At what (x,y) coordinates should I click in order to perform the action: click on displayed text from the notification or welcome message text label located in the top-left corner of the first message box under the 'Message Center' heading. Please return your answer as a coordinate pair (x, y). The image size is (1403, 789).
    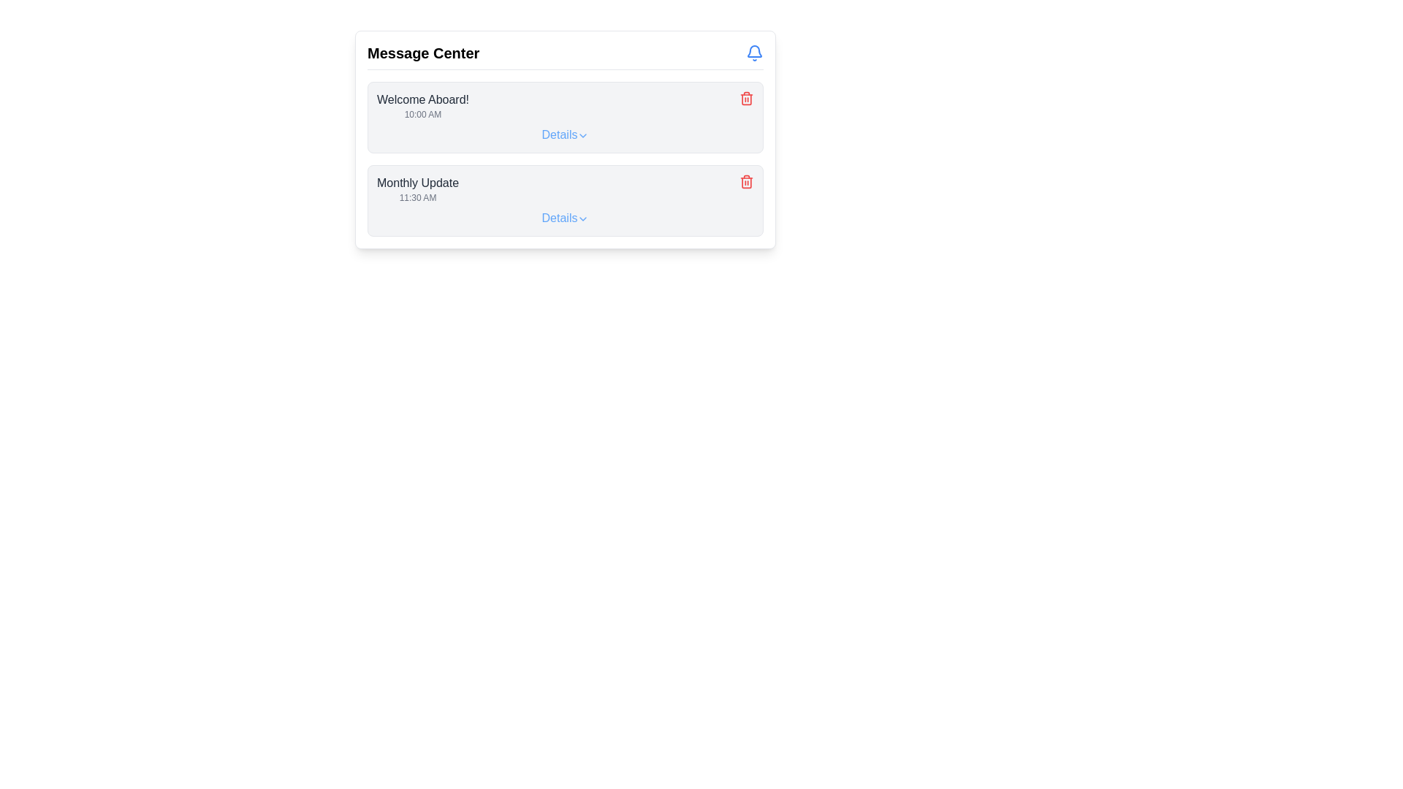
    Looking at the image, I should click on (422, 105).